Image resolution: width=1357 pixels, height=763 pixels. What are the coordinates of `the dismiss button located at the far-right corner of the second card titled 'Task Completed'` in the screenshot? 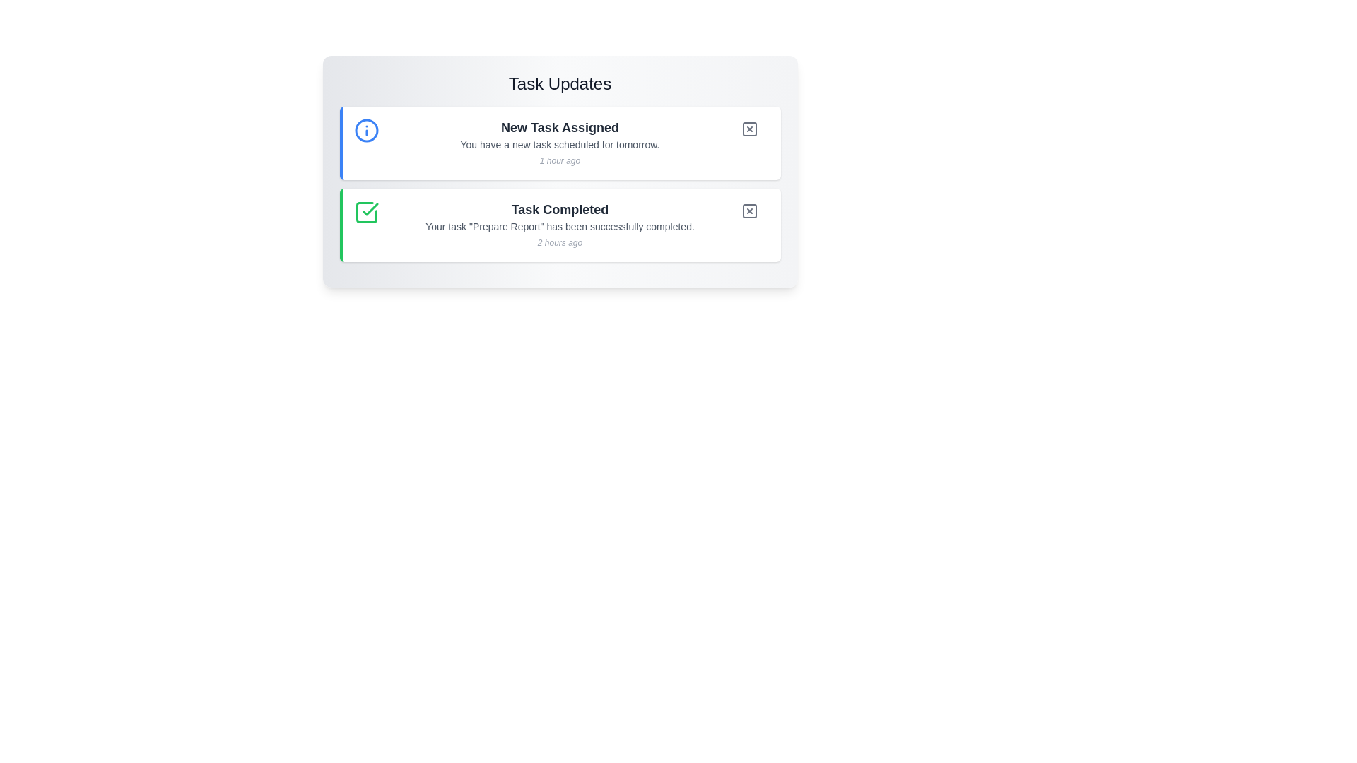 It's located at (748, 211).